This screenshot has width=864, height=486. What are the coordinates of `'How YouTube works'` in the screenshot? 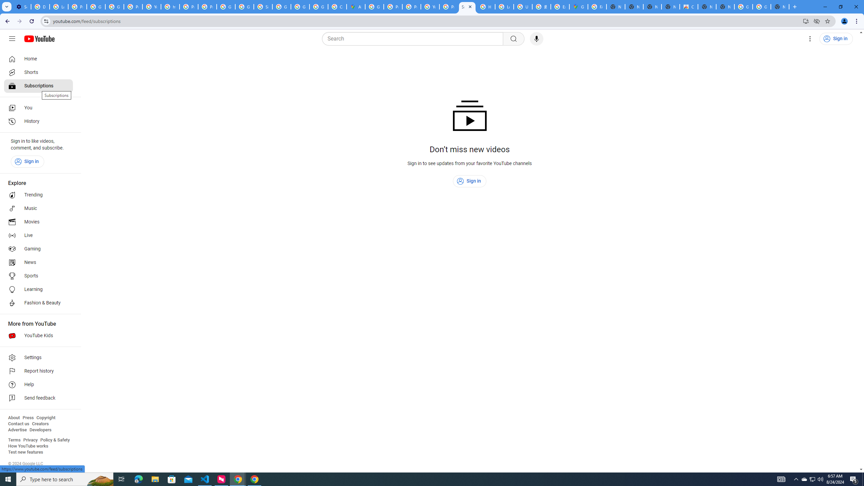 It's located at (28, 446).